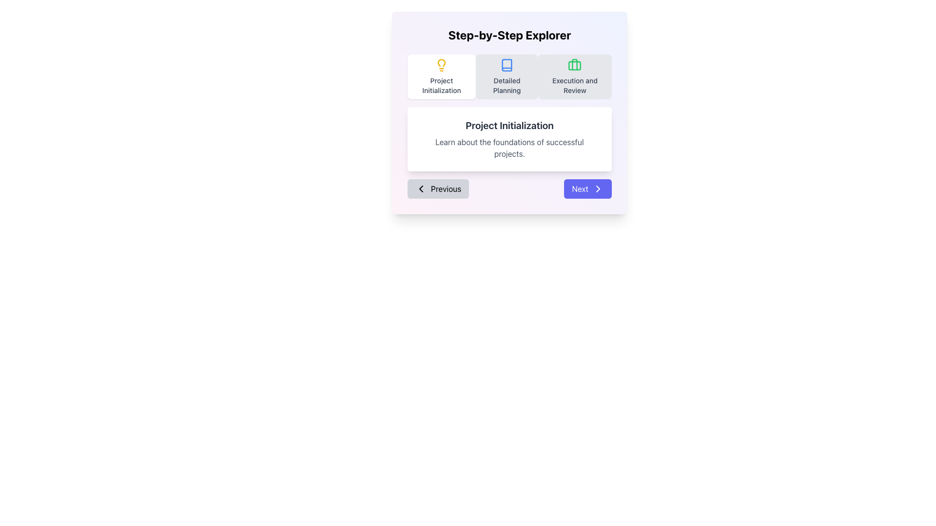  What do you see at coordinates (421, 189) in the screenshot?
I see `the 'Previous' SVG icon located within the button for navigation purposes` at bounding box center [421, 189].